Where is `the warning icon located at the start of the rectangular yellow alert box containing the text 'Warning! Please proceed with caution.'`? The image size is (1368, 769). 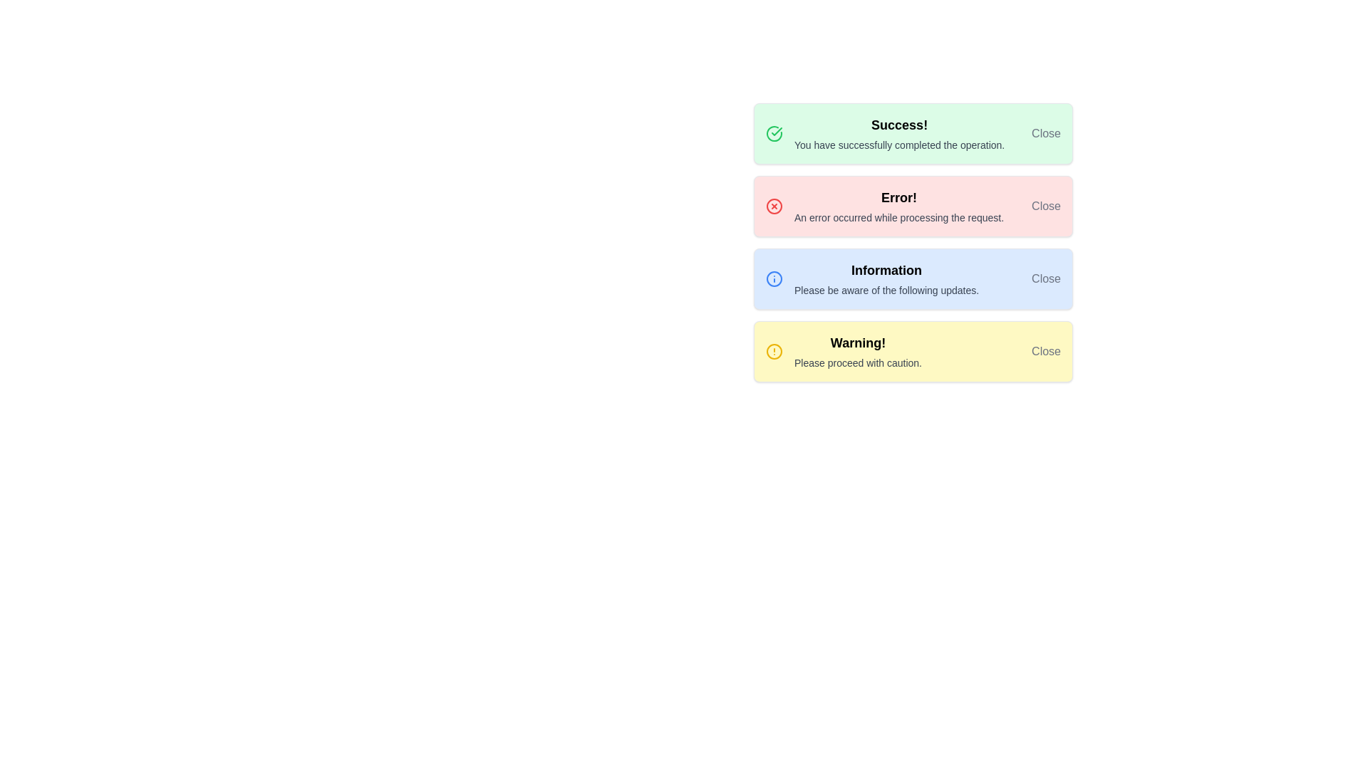 the warning icon located at the start of the rectangular yellow alert box containing the text 'Warning! Please proceed with caution.' is located at coordinates (773, 351).